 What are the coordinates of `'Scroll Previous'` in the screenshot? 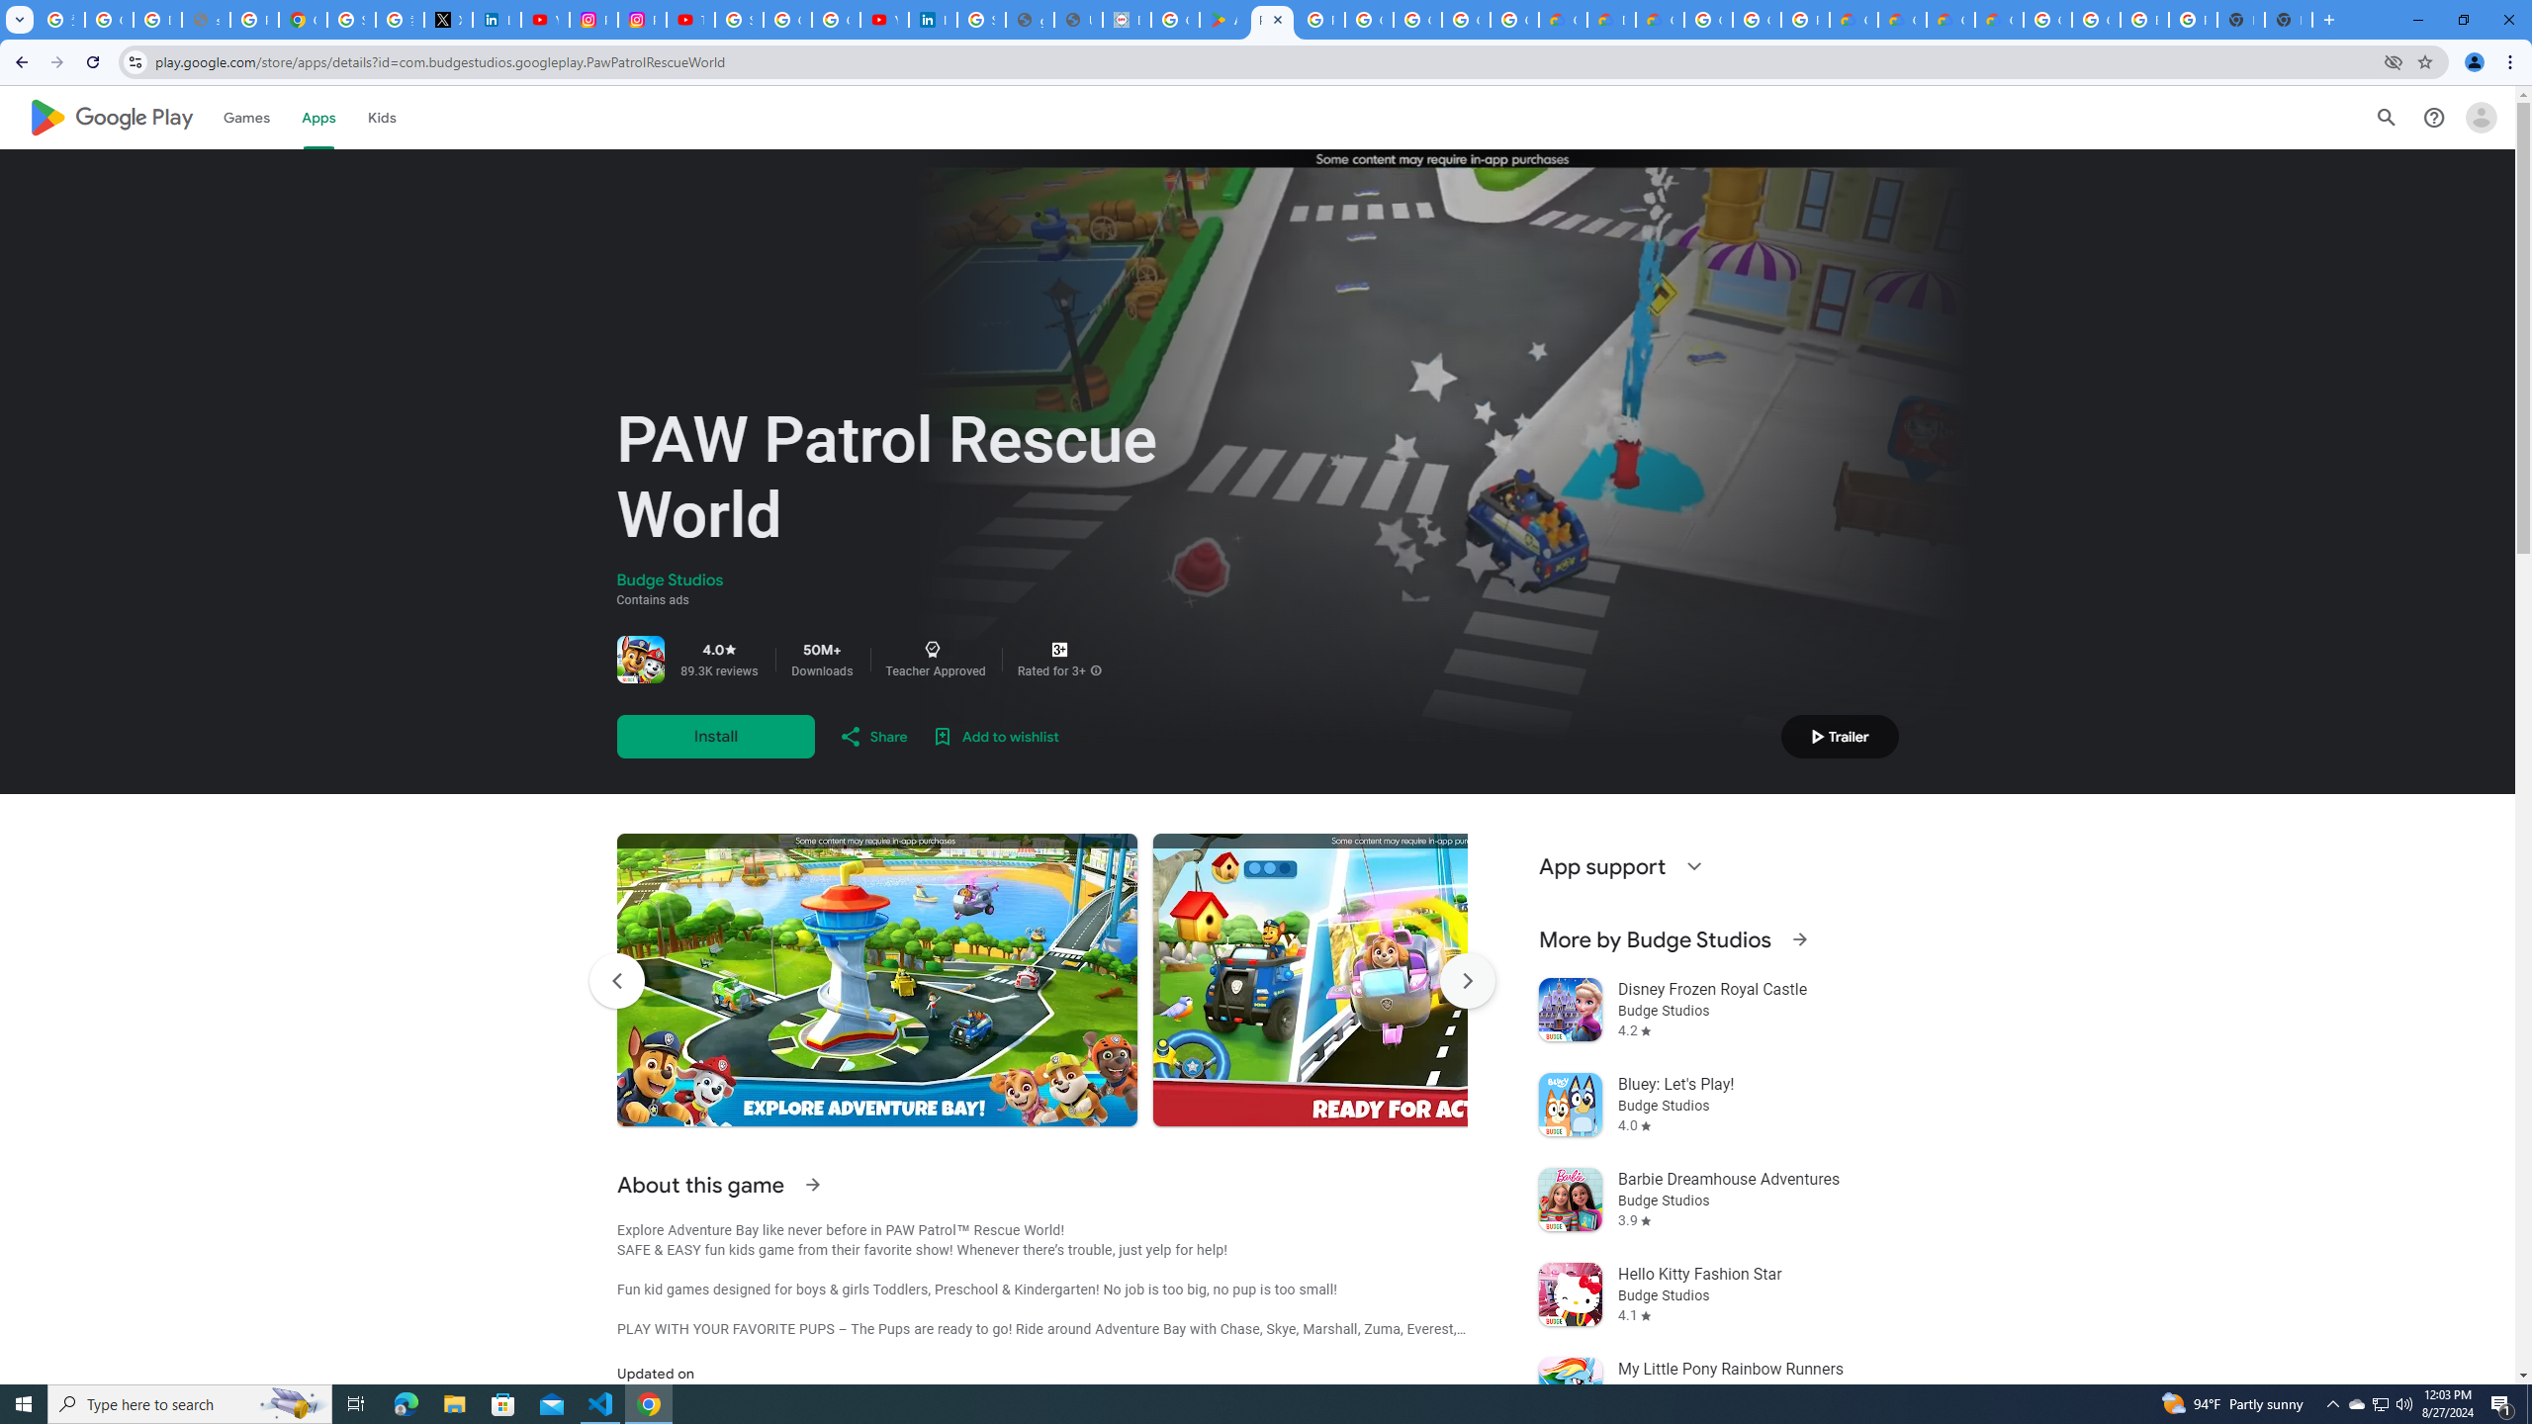 It's located at (616, 980).